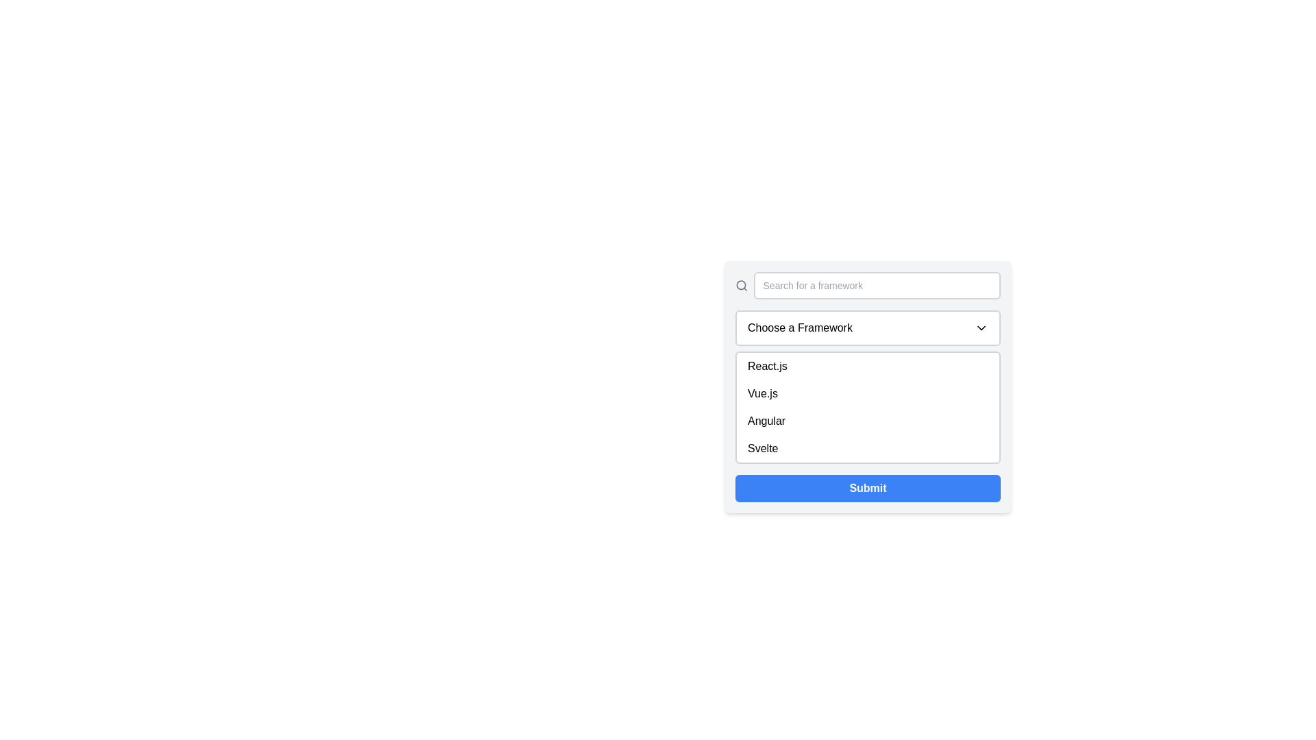 Image resolution: width=1316 pixels, height=740 pixels. Describe the element at coordinates (766, 420) in the screenshot. I see `the text label displaying 'Angular' in black text within the dropdown menu located under the 'Choose a Framework' selection box` at that location.